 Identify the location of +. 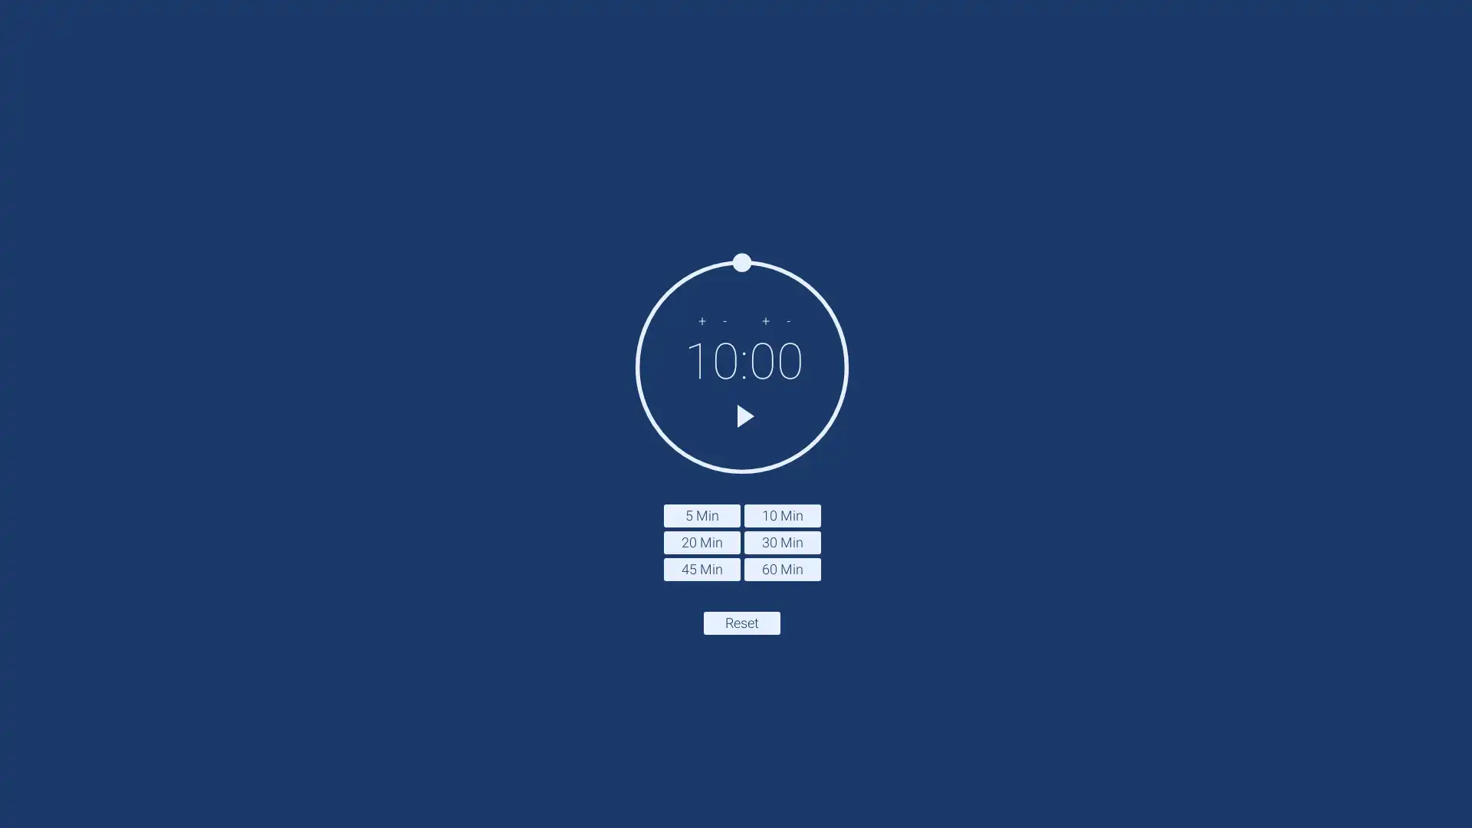
(765, 319).